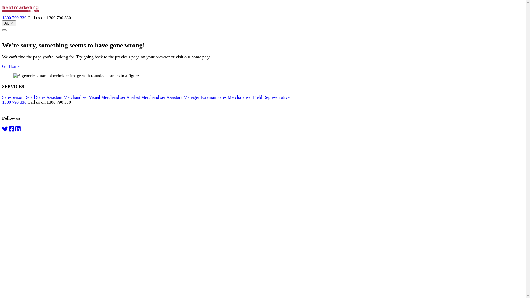 This screenshot has height=298, width=530. I want to click on 'Visual Merchandiser', so click(89, 97).